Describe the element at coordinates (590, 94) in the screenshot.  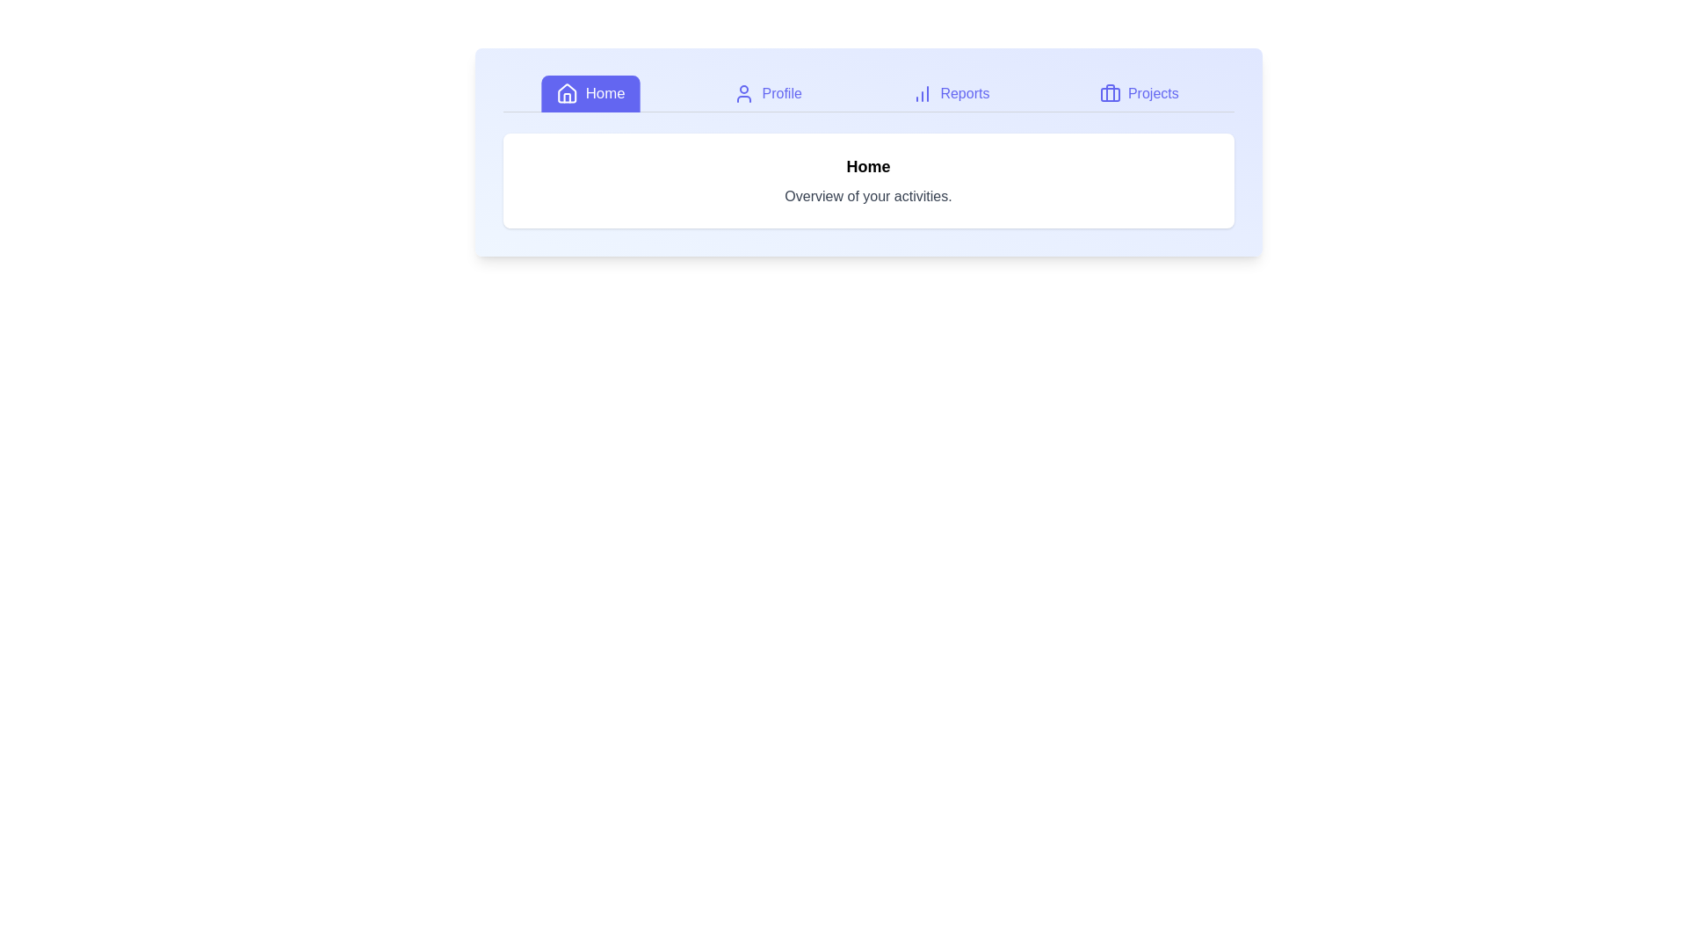
I see `the Home tab to view its content` at that location.